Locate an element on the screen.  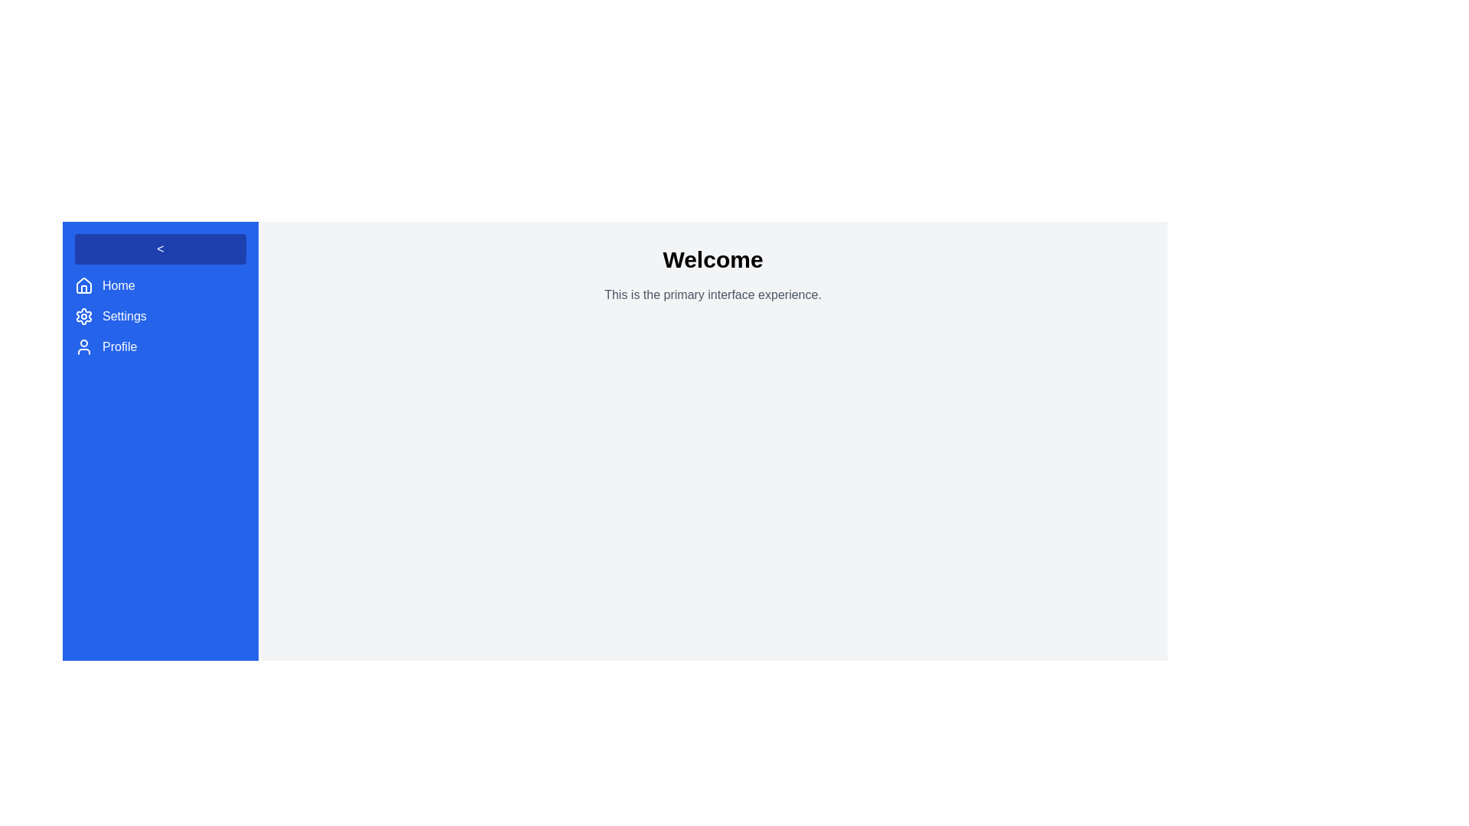
the 'Settings' button located in the sidebar menu, positioned below 'Home' and above 'Profile' is located at coordinates (161, 315).